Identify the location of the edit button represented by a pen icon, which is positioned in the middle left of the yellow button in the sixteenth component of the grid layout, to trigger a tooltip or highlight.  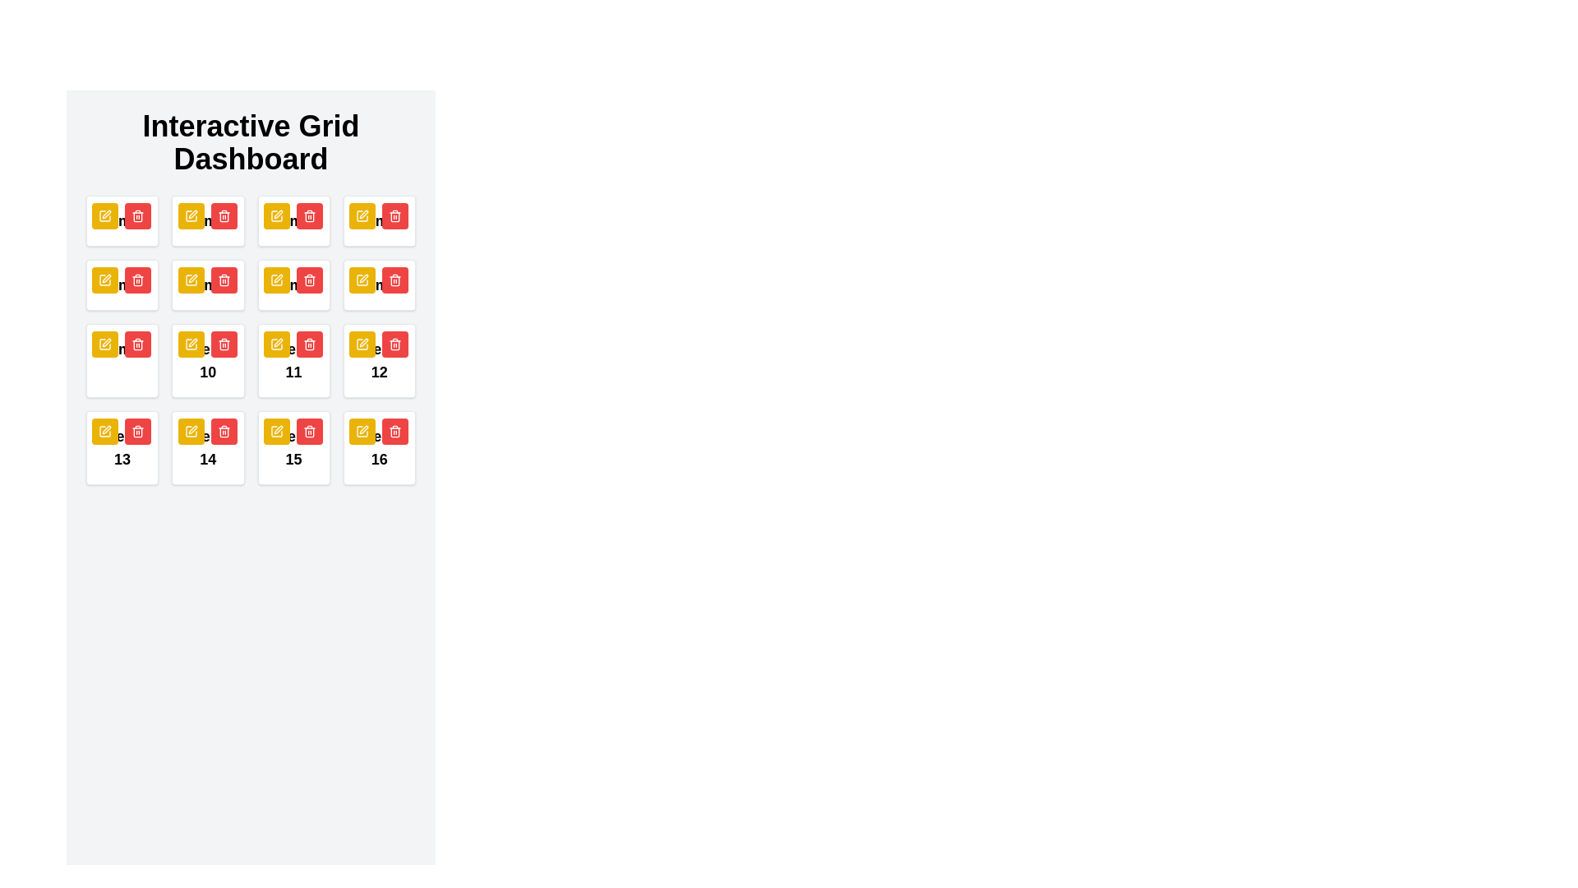
(362, 430).